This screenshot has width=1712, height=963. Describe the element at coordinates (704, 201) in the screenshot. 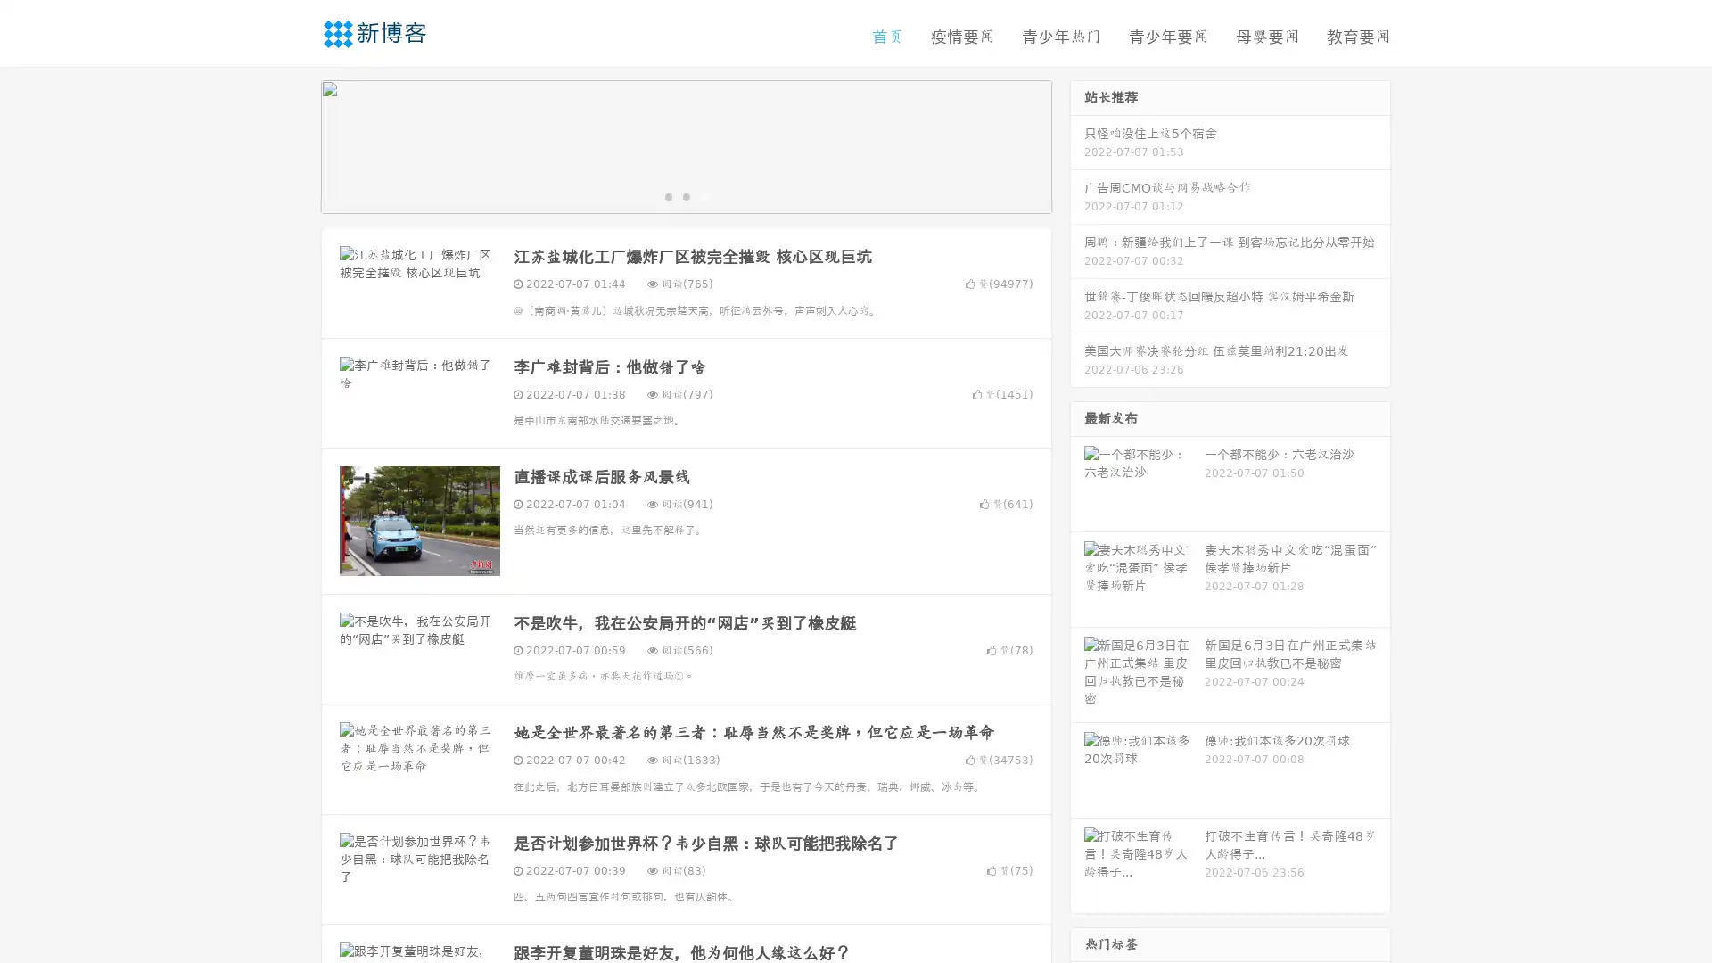

I see `Go to slide 3` at that location.